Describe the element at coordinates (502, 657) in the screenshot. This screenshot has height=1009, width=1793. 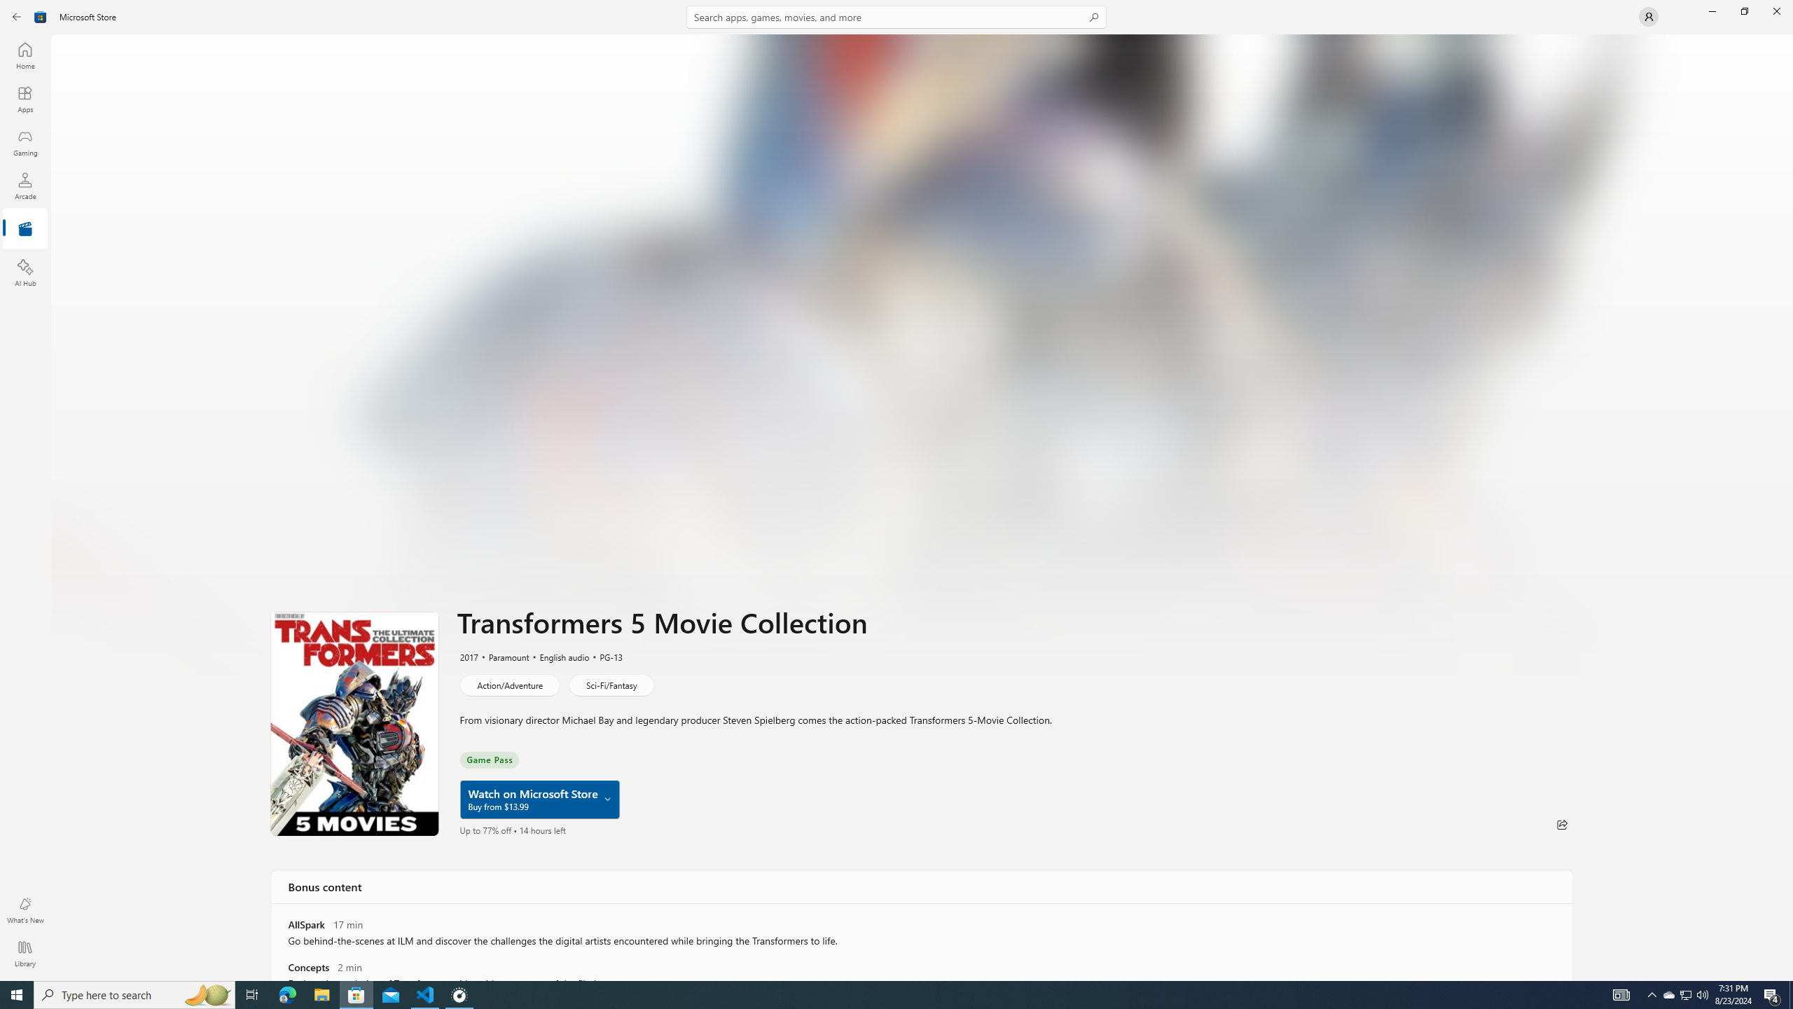
I see `'Paramount'` at that location.